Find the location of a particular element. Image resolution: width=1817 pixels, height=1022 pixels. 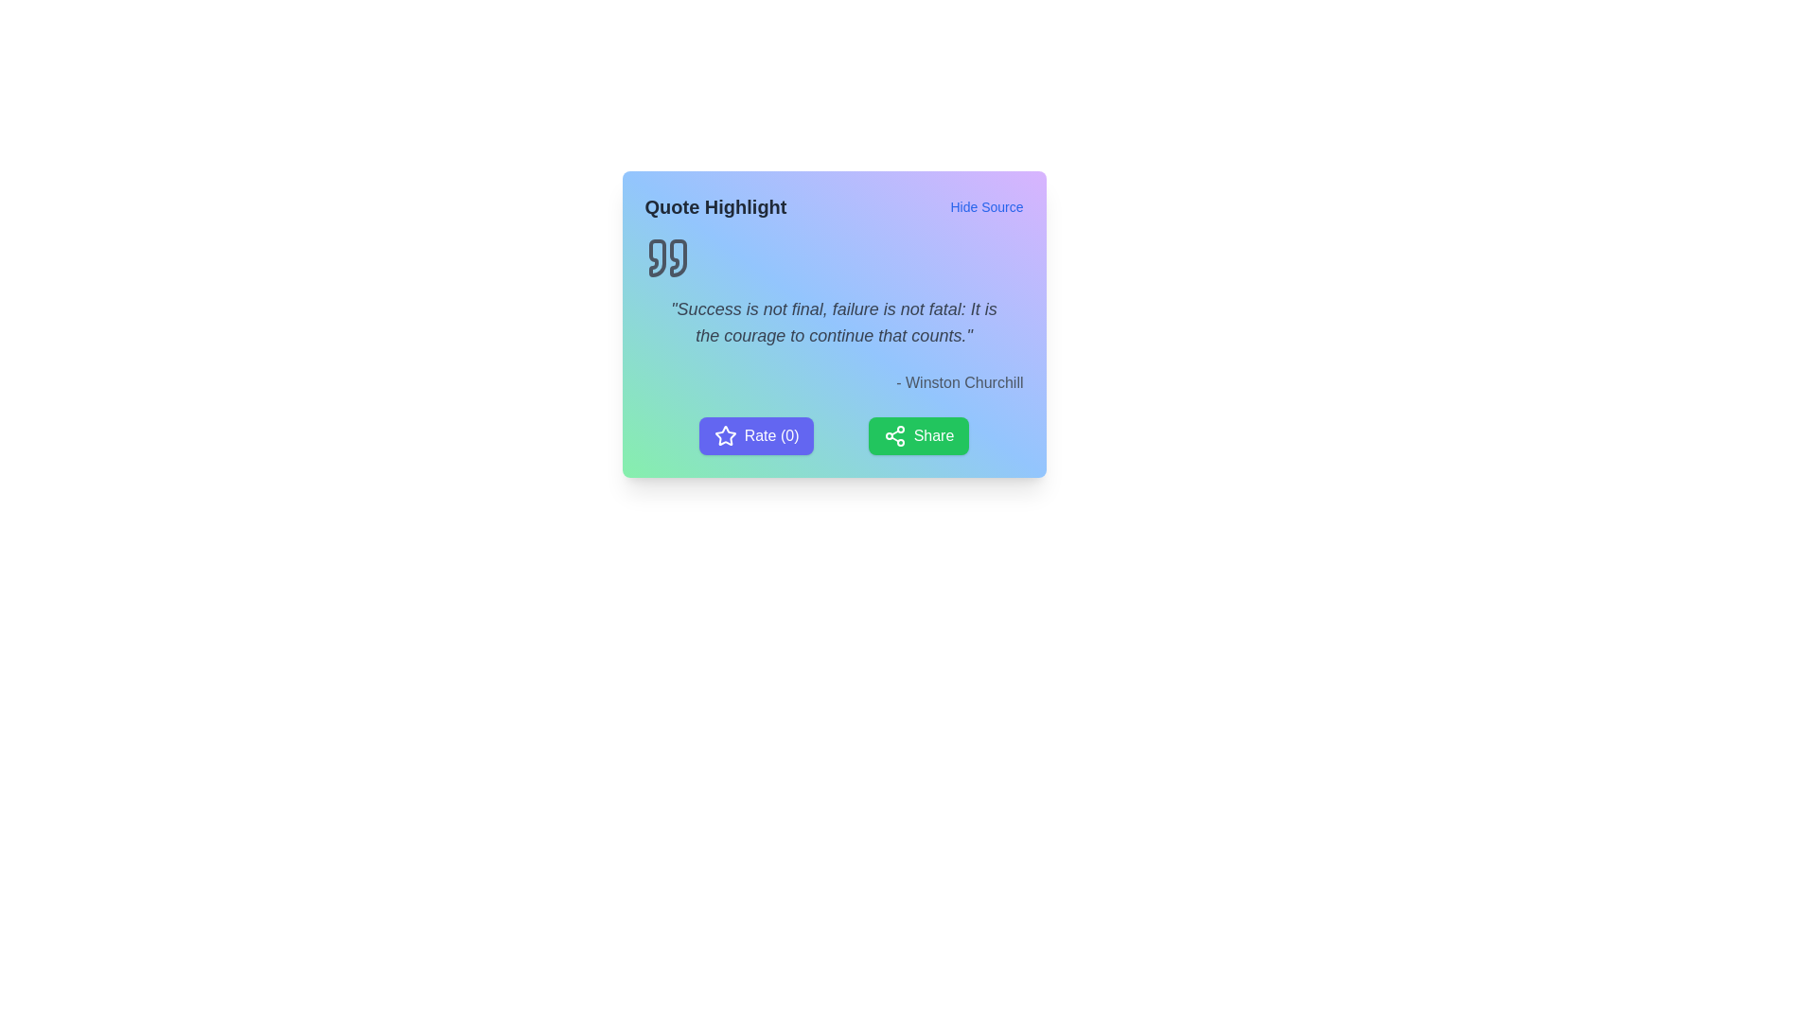

the 'Rate (0)' button with a purple background and white text is located at coordinates (755, 436).